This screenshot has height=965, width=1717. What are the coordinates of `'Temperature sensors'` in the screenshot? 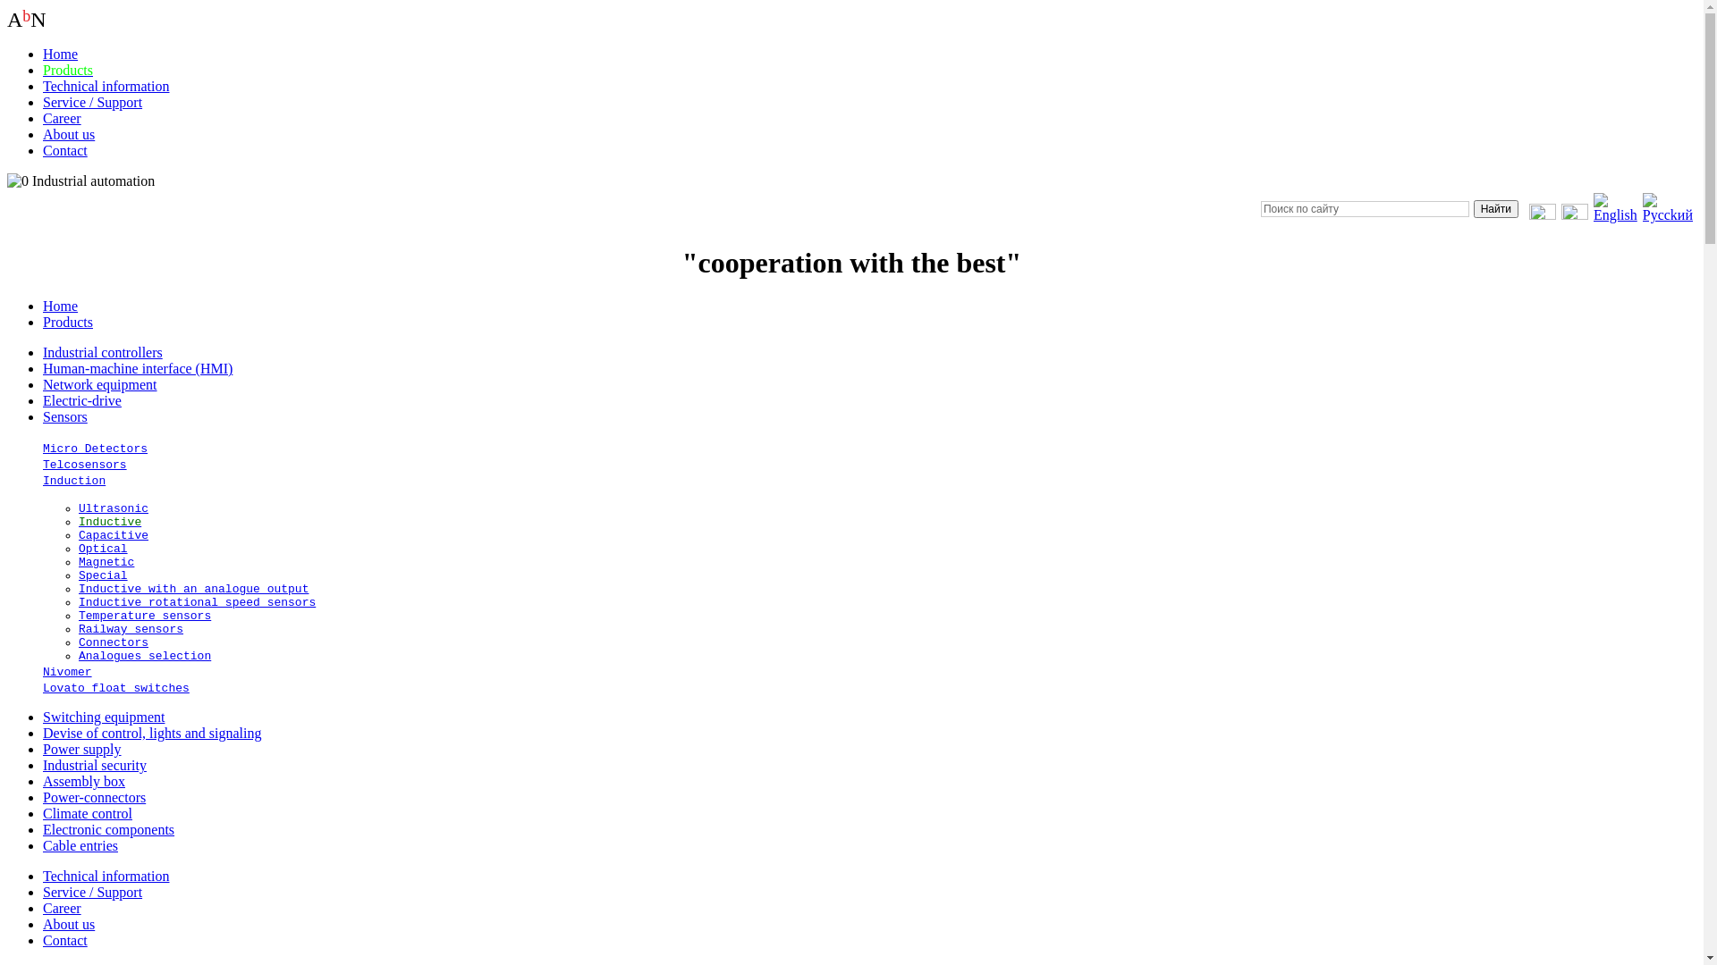 It's located at (145, 615).